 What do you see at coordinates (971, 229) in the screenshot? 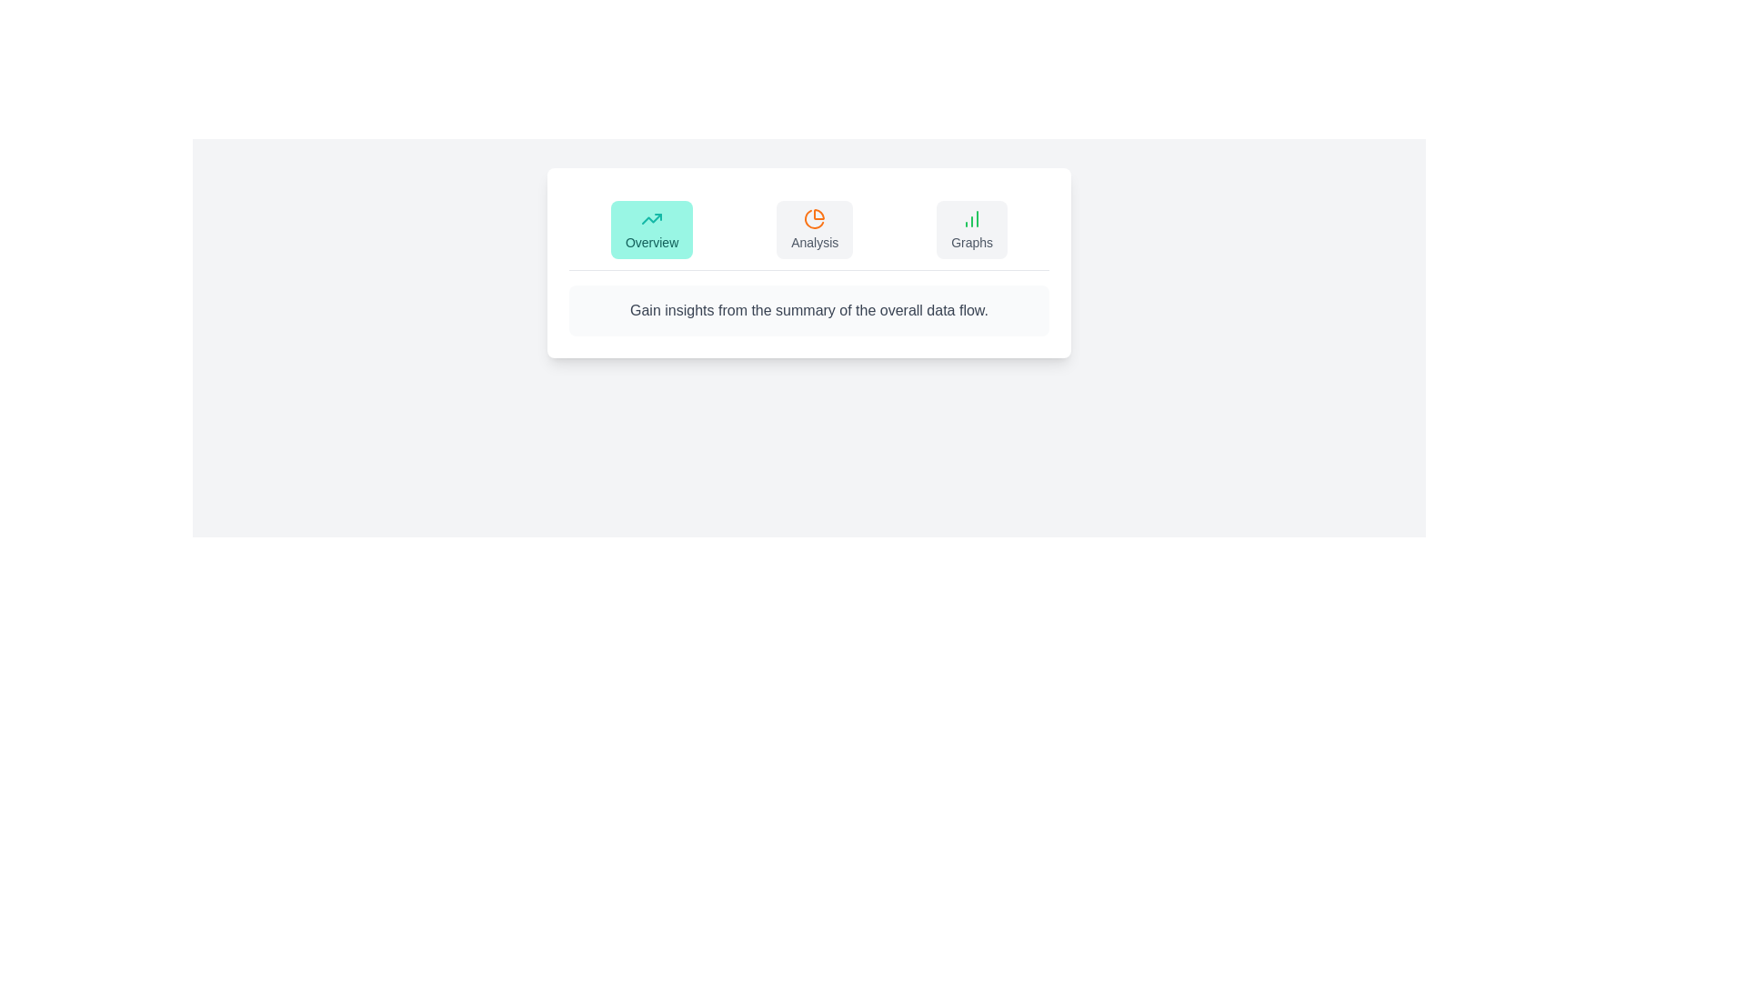
I see `the Graphs tab` at bounding box center [971, 229].